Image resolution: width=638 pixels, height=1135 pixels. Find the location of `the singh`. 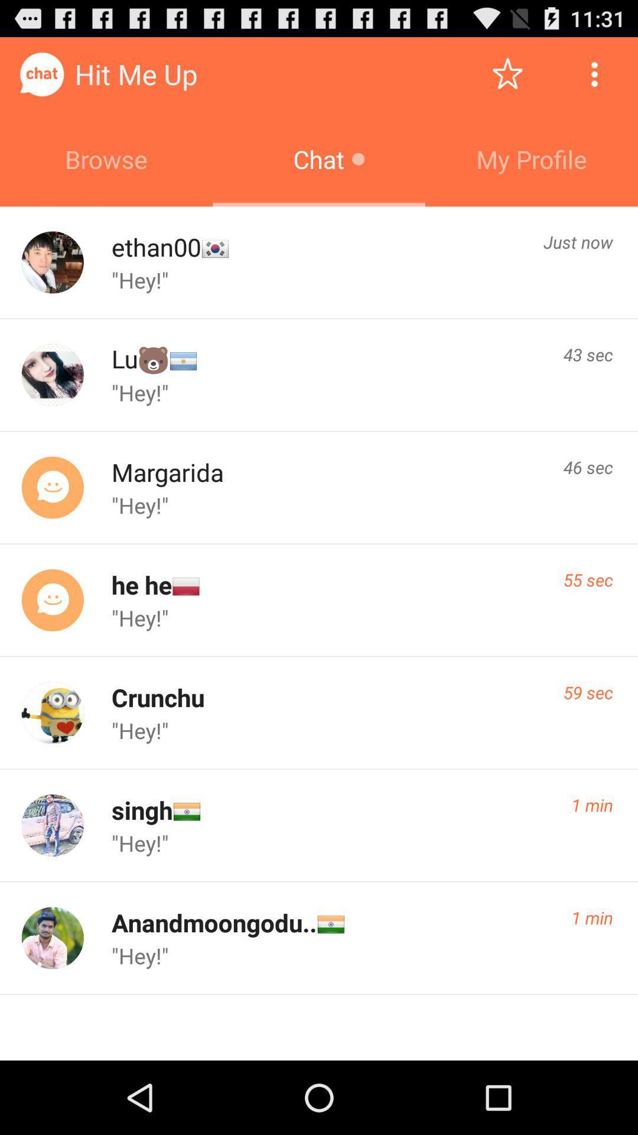

the singh is located at coordinates (141, 809).